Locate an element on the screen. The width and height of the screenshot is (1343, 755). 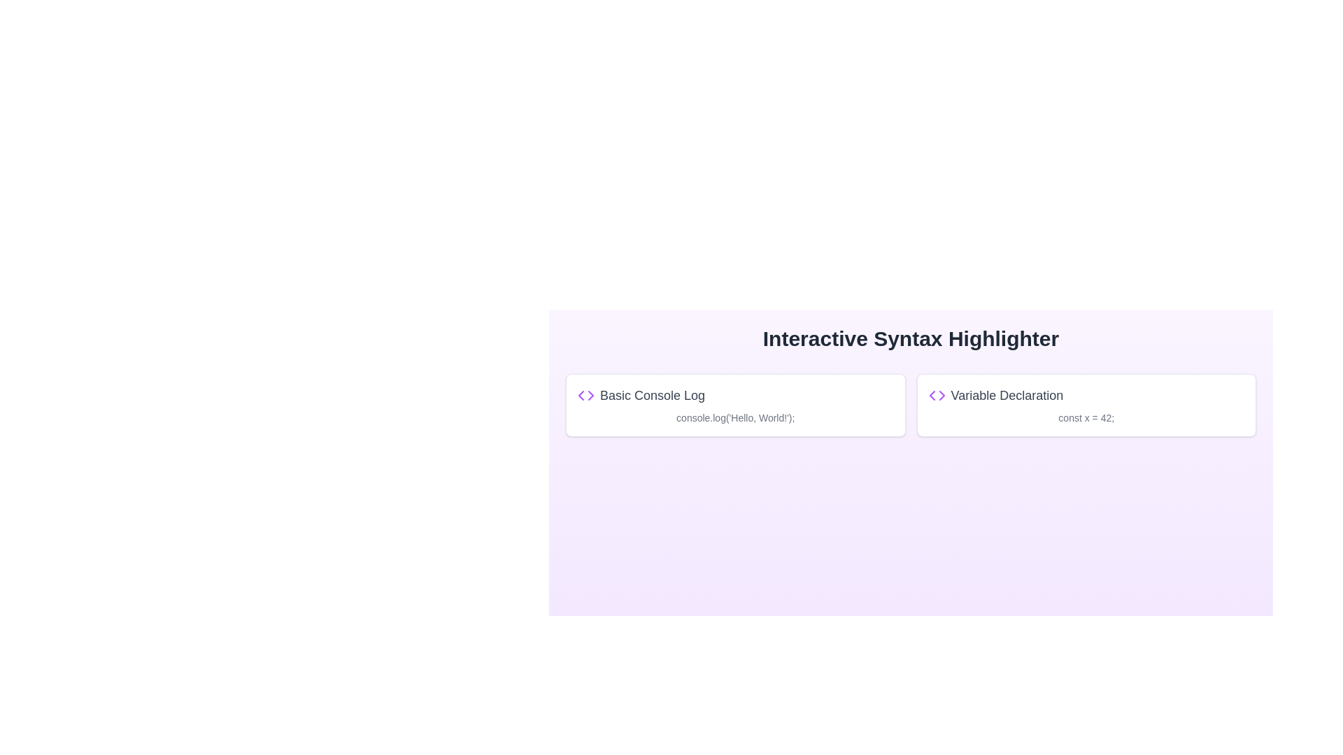
the purple left-pointing triangular icon located in the interactive syntax highlighter section under the header 'Interactive Syntax Highlighter' within the left box labeled 'Basic Console Log' is located at coordinates (932, 396).